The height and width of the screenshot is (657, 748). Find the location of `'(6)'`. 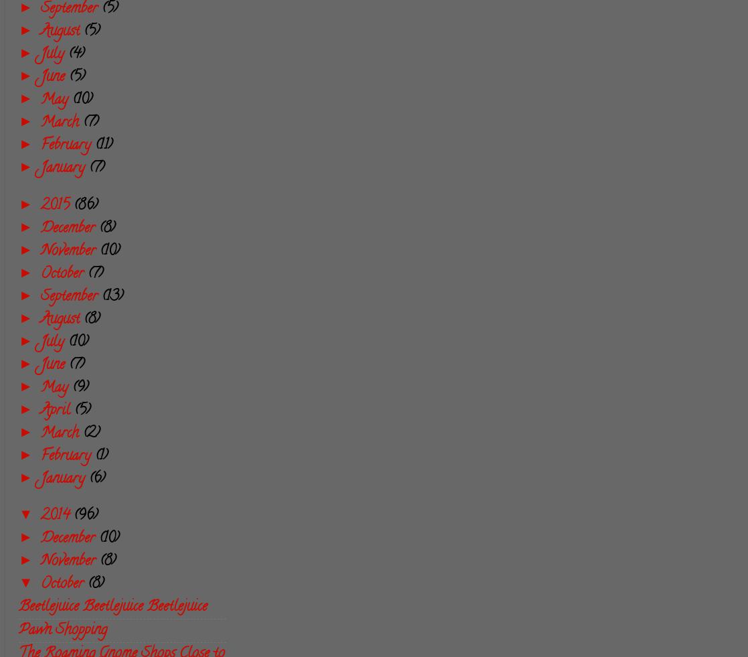

'(6)' is located at coordinates (97, 478).